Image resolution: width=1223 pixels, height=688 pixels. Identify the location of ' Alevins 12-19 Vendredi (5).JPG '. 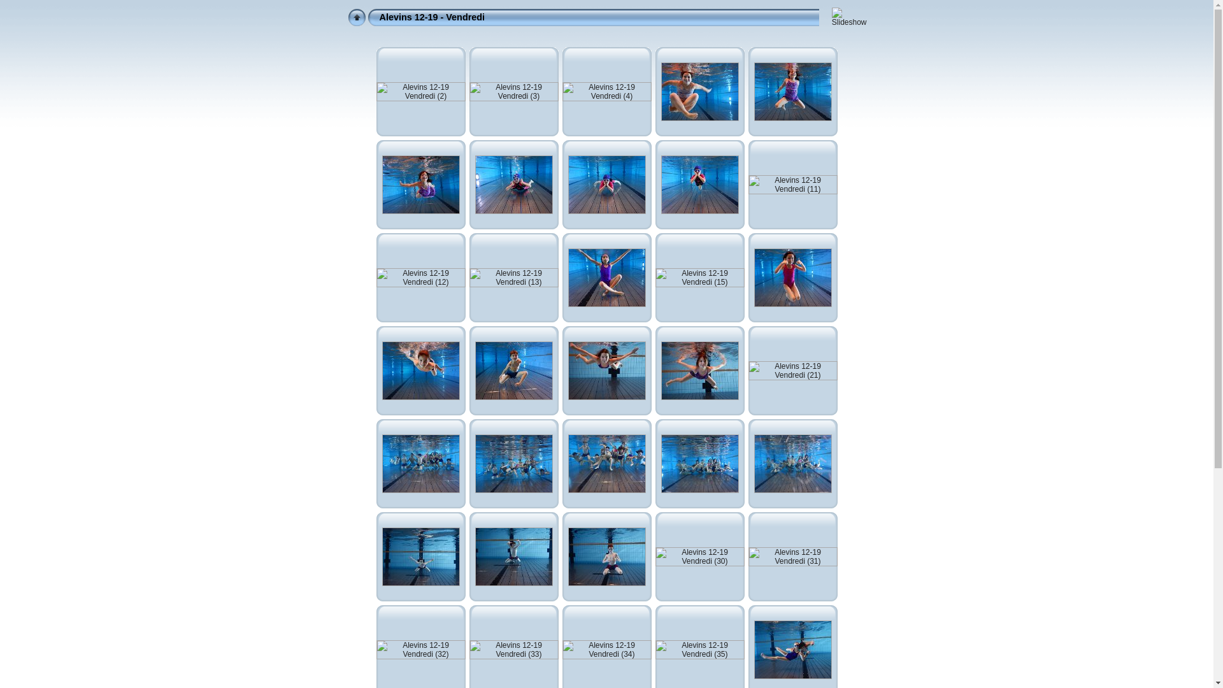
(699, 90).